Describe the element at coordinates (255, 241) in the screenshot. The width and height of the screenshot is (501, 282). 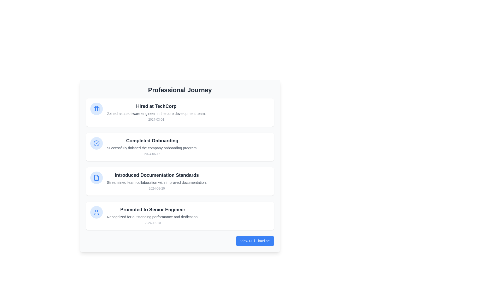
I see `the button with the blue background and white text 'View Full Timeline', located at the bottom-right corner of the 'Professional Journey' section card` at that location.